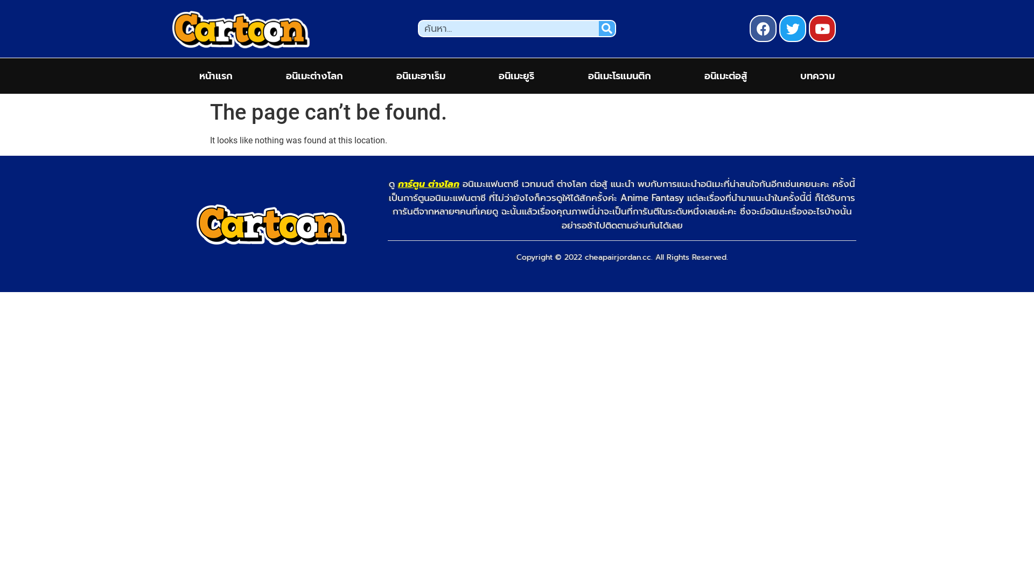 The image size is (1034, 582). What do you see at coordinates (607, 28) in the screenshot?
I see `'Search'` at bounding box center [607, 28].